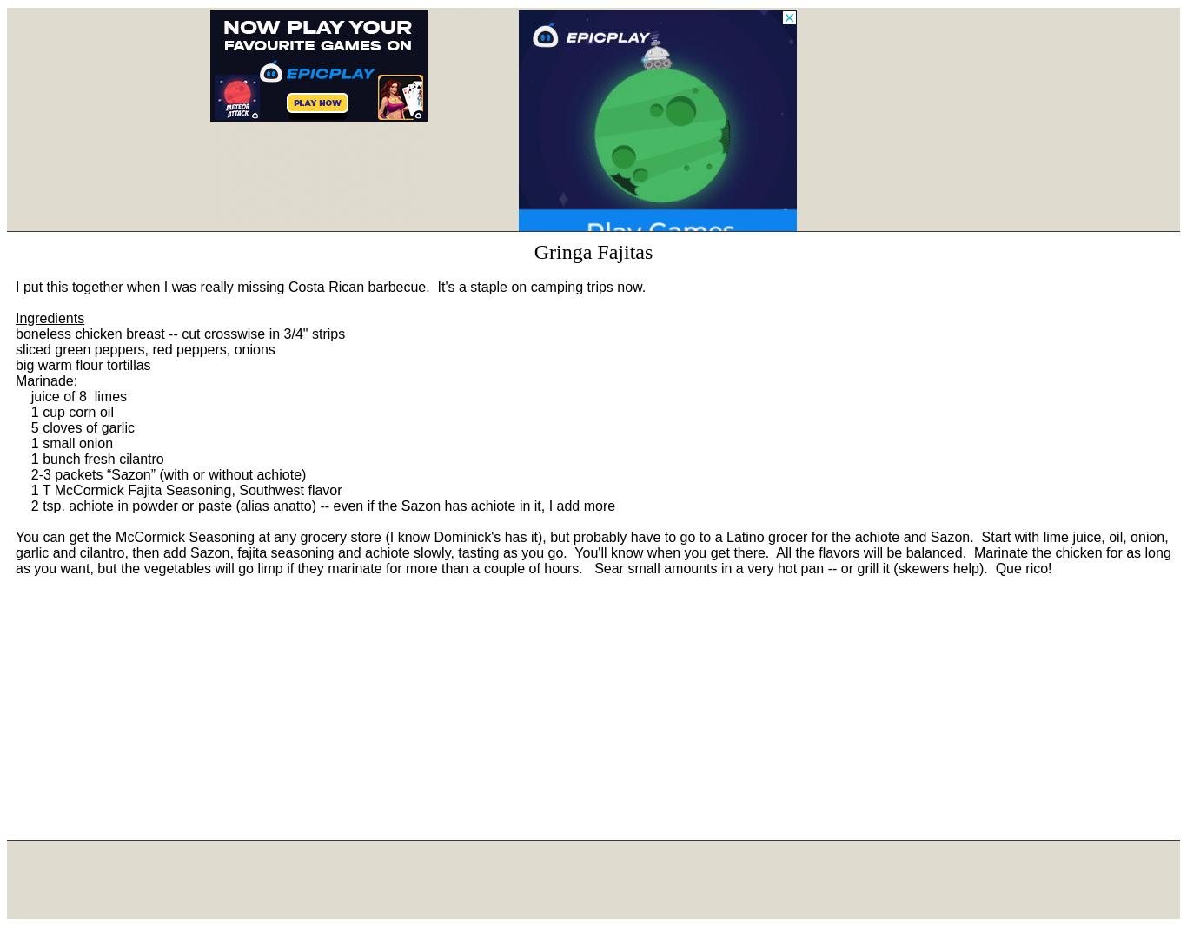  What do you see at coordinates (592, 251) in the screenshot?
I see `'Gringa Fajitas'` at bounding box center [592, 251].